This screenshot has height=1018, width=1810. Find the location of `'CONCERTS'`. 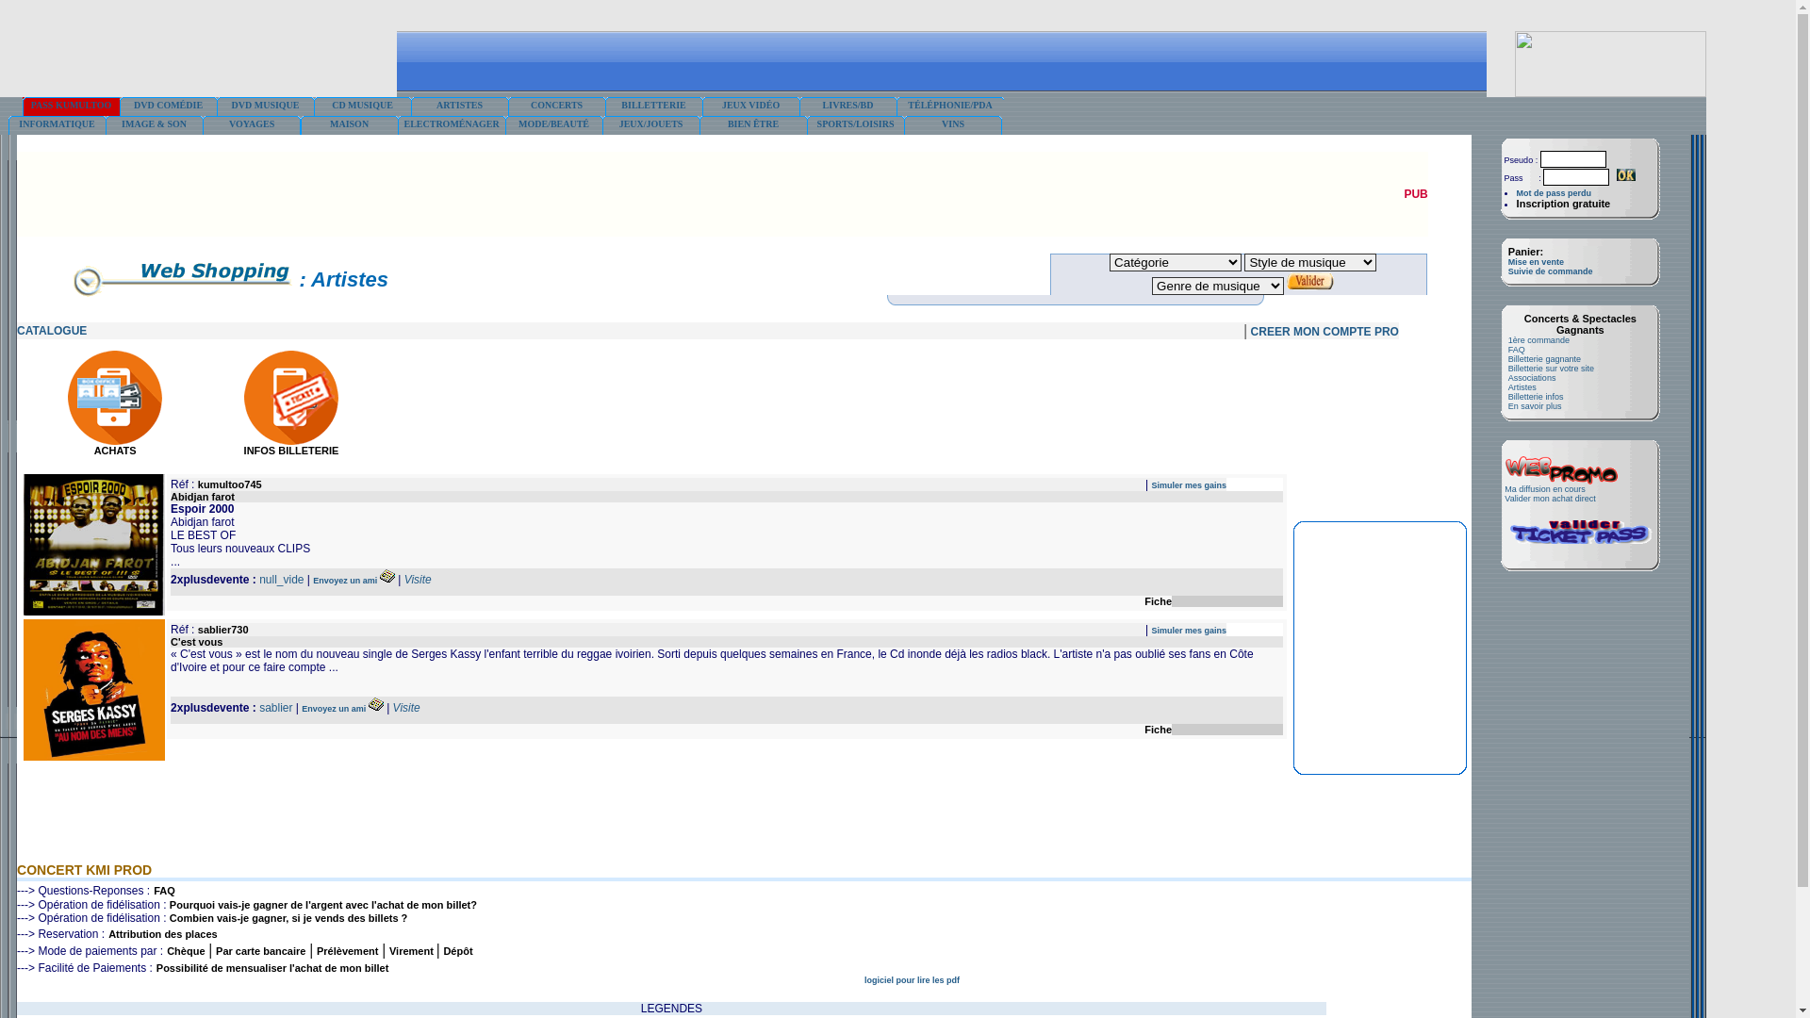

'CONCERTS' is located at coordinates (555, 106).